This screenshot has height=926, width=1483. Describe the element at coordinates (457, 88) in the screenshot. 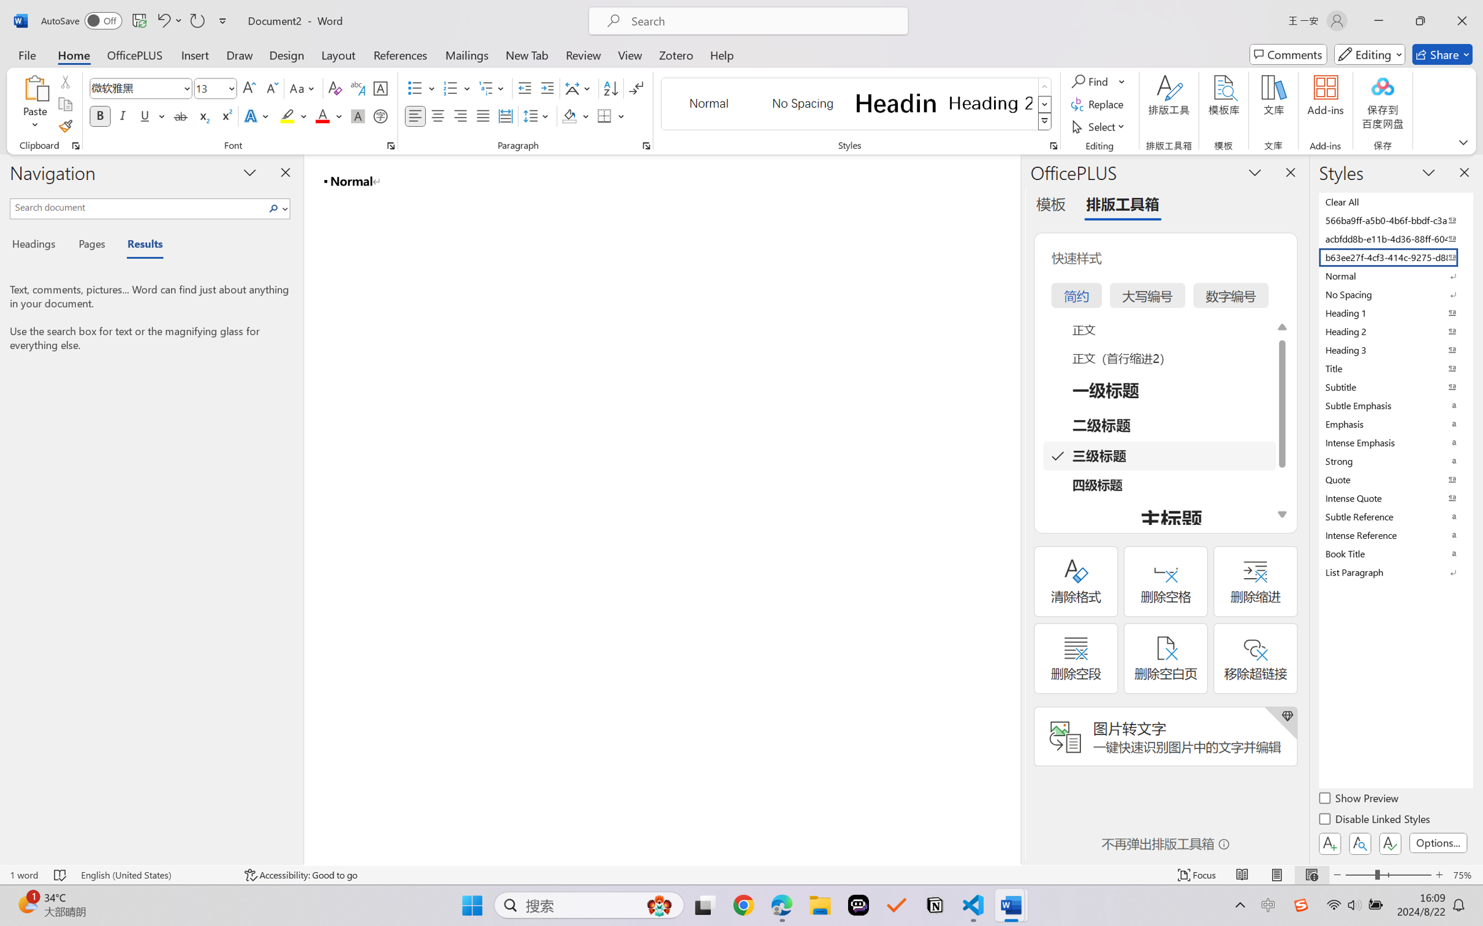

I see `'Numbering'` at that location.